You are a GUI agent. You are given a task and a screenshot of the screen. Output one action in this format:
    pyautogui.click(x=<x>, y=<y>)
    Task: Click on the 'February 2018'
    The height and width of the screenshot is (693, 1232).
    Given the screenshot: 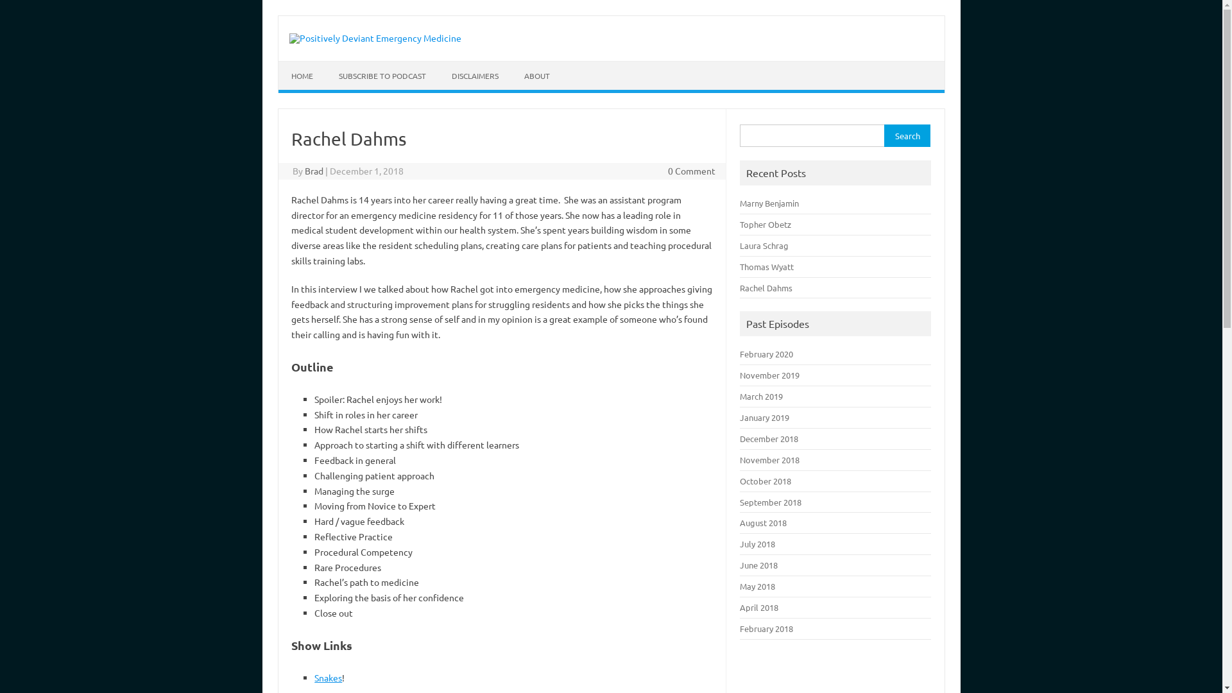 What is the action you would take?
    pyautogui.click(x=739, y=628)
    